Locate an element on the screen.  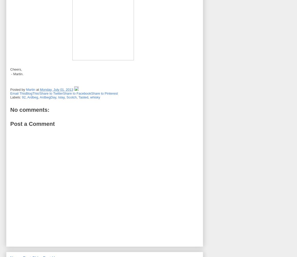
'BlogThis!' is located at coordinates (32, 93).